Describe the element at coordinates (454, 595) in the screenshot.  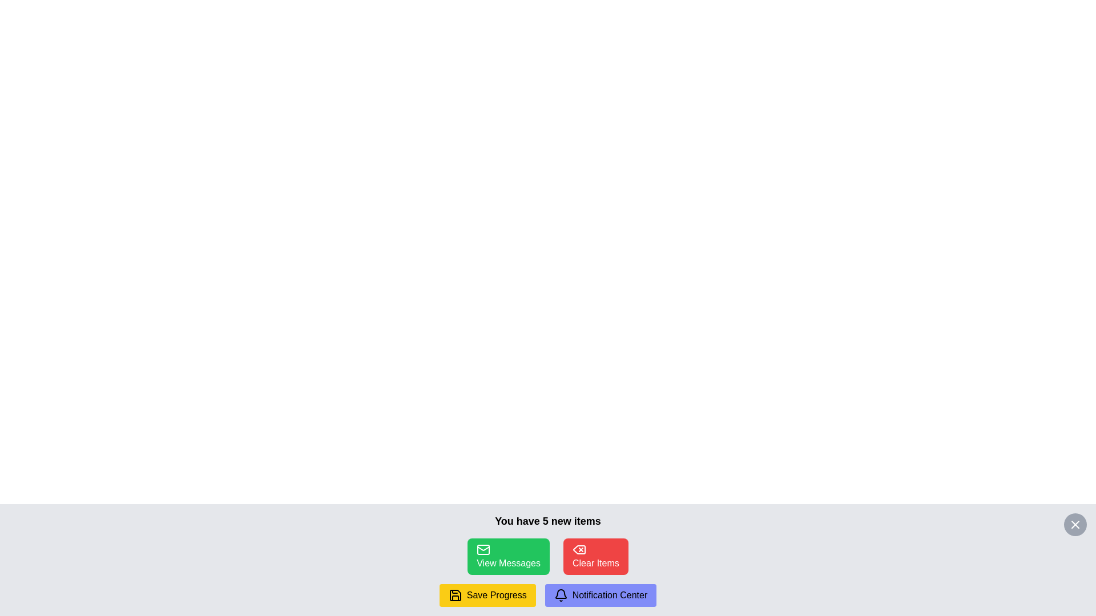
I see `the save icon, which is a floppy disk symbol with a yellow background, part of the 'Save Progress' button located below the central area of the window` at that location.